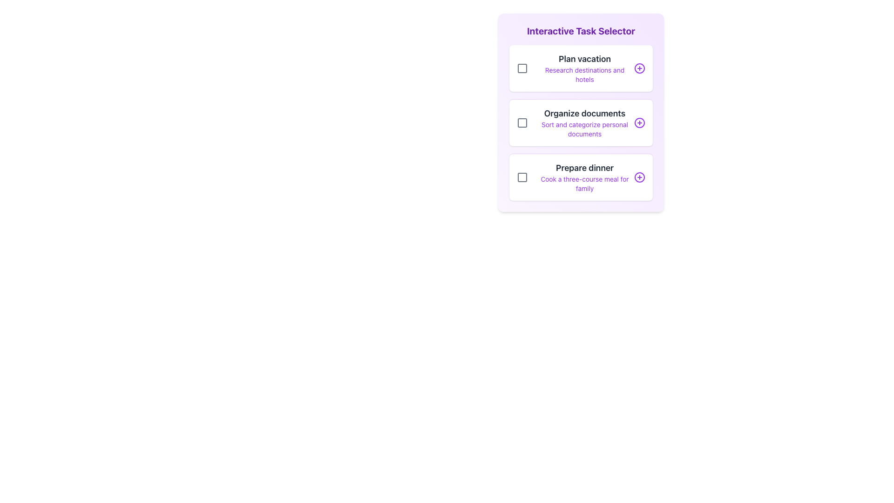  I want to click on the button that triggers actions related to 'Organize documents', positioned as the rightmost item in the second row of the task selection section, so click(639, 122).